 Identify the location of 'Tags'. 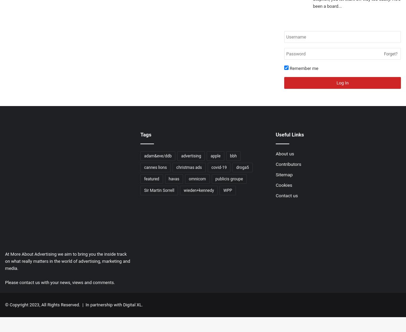
(145, 134).